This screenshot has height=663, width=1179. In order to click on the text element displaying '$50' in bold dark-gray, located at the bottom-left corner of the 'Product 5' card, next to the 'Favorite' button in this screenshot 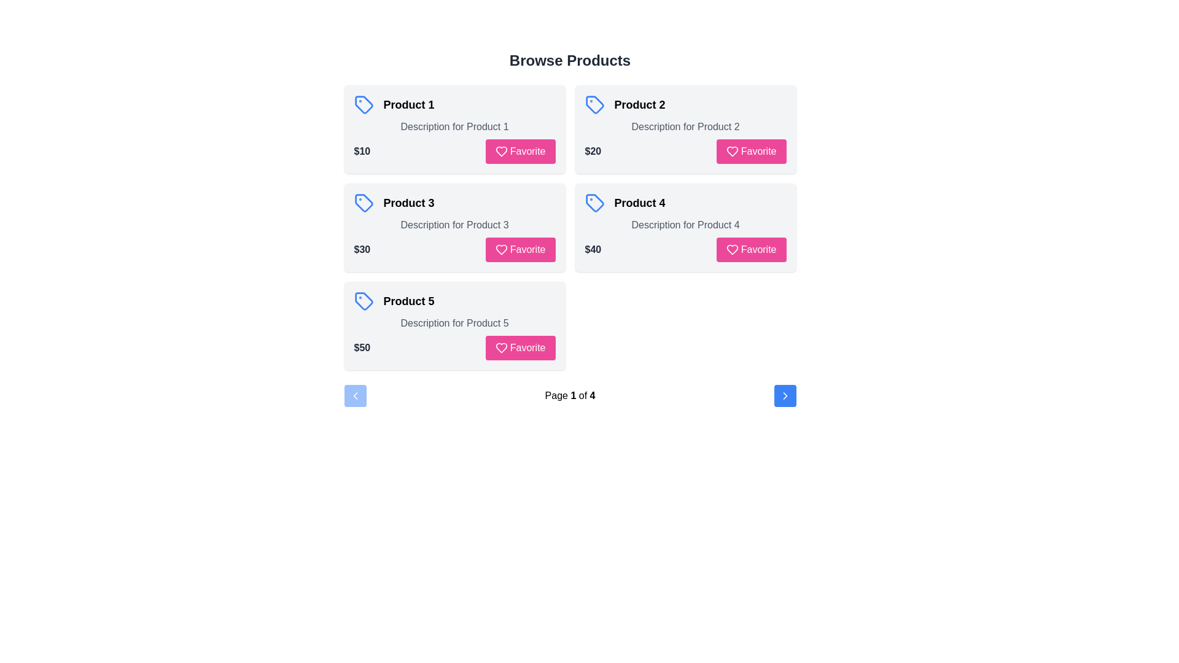, I will do `click(361, 348)`.